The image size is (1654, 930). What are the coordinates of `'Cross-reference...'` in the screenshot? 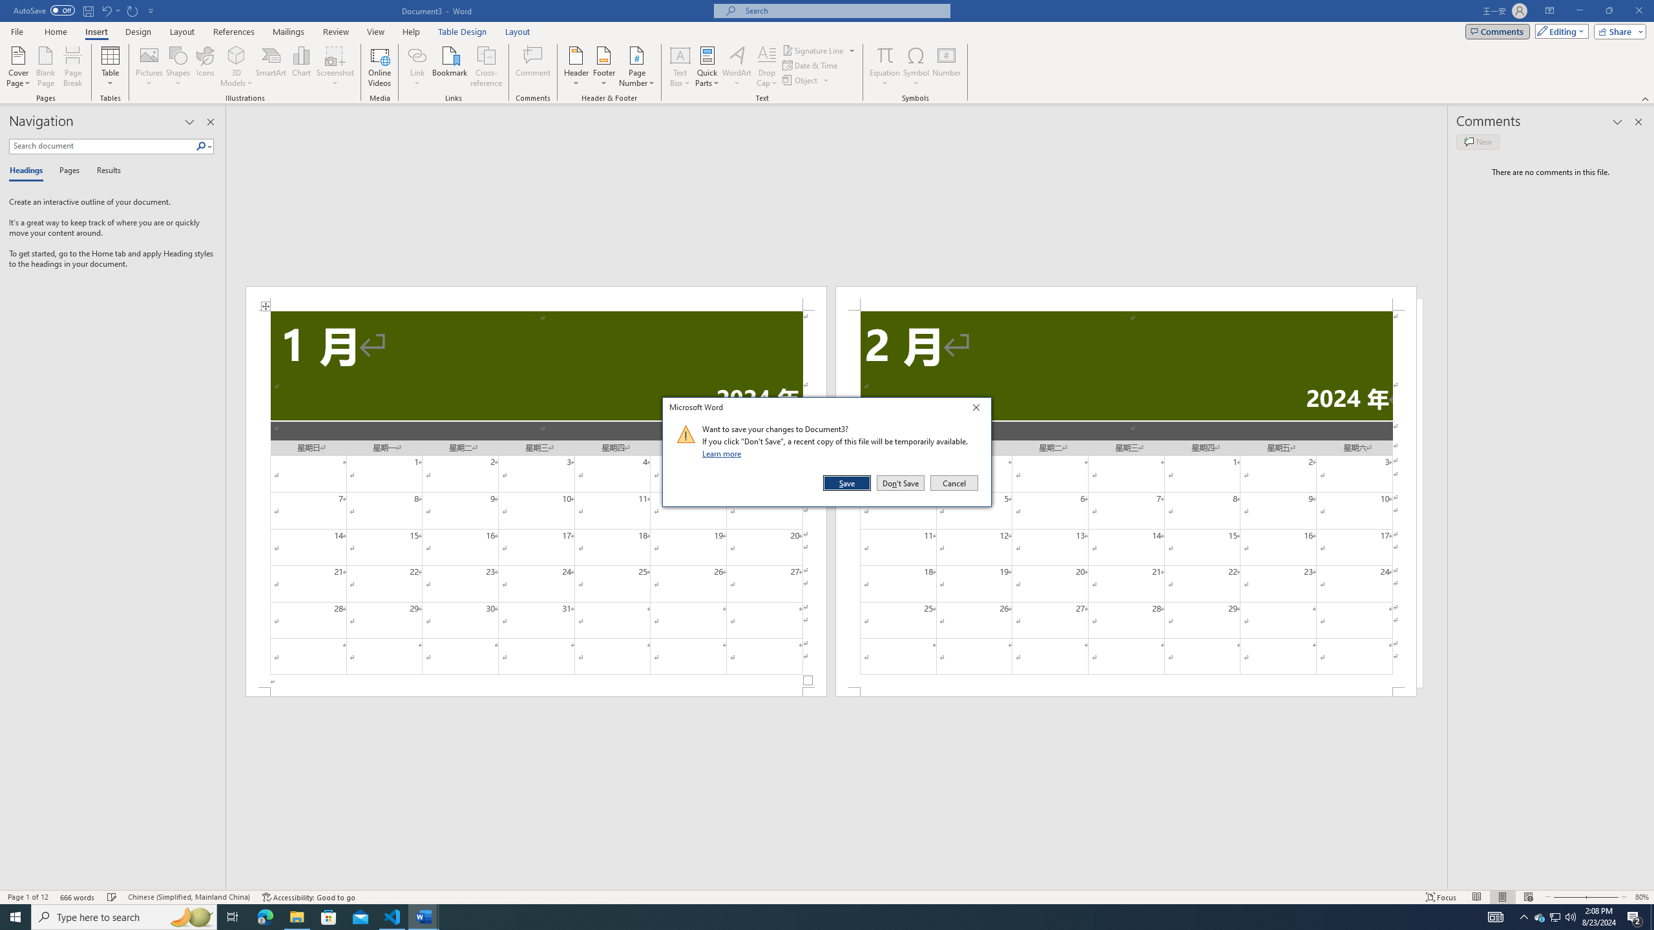 It's located at (487, 67).